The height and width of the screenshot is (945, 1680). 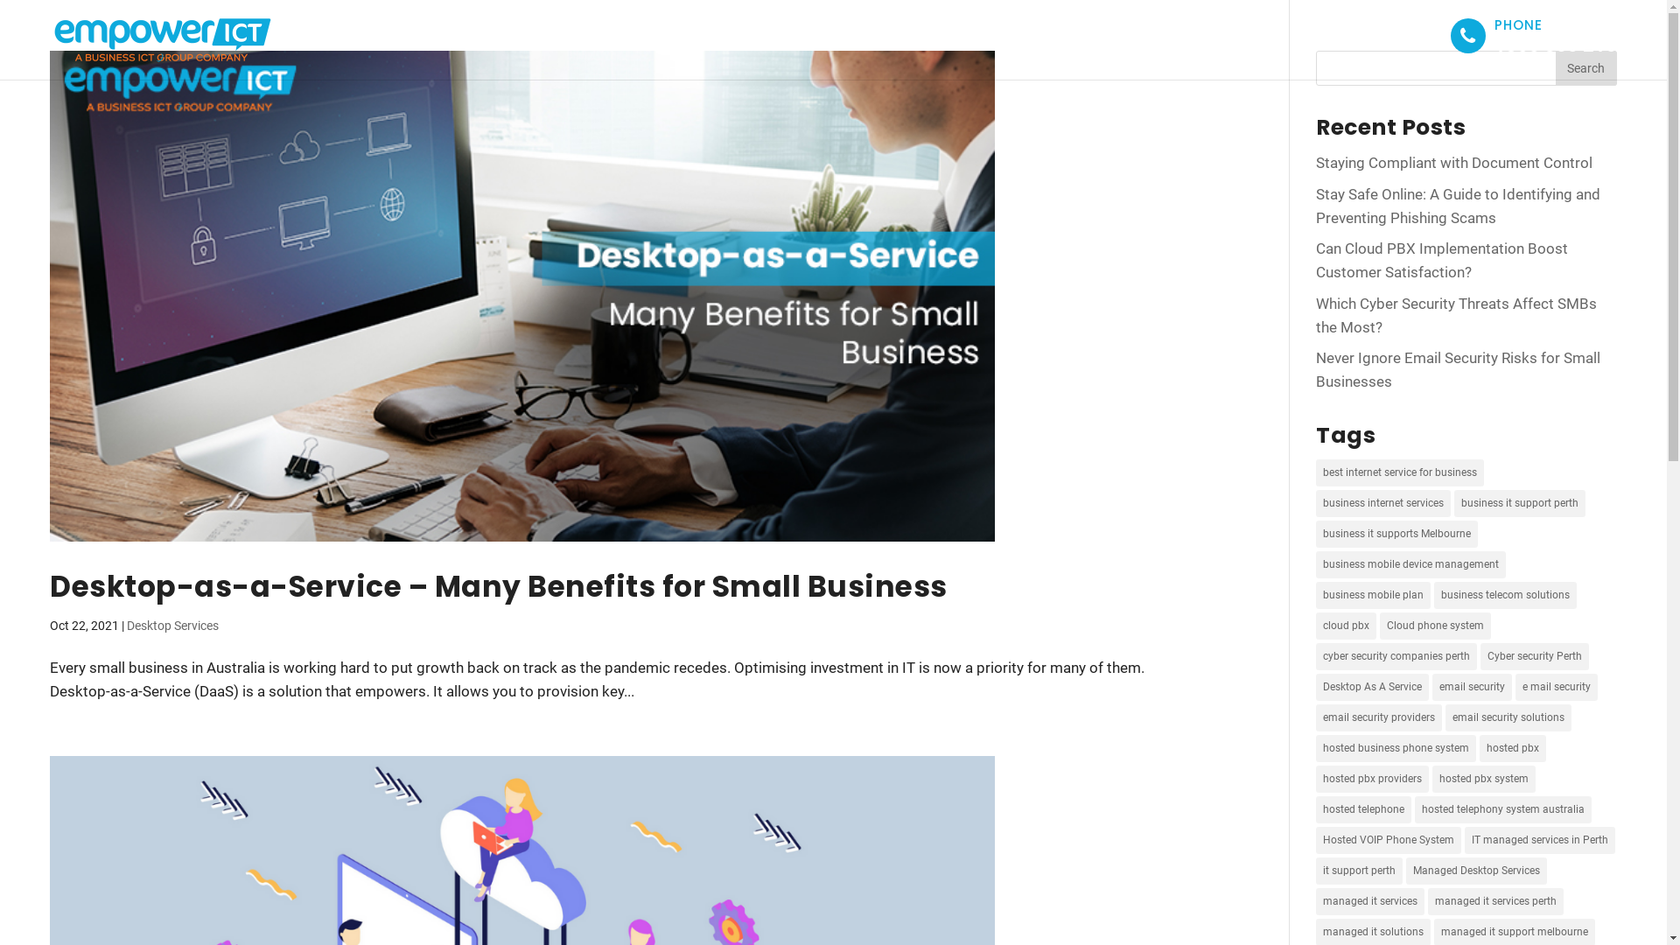 What do you see at coordinates (1456, 313) in the screenshot?
I see `'Which Cyber Security Threats Affect SMBs the Most?'` at bounding box center [1456, 313].